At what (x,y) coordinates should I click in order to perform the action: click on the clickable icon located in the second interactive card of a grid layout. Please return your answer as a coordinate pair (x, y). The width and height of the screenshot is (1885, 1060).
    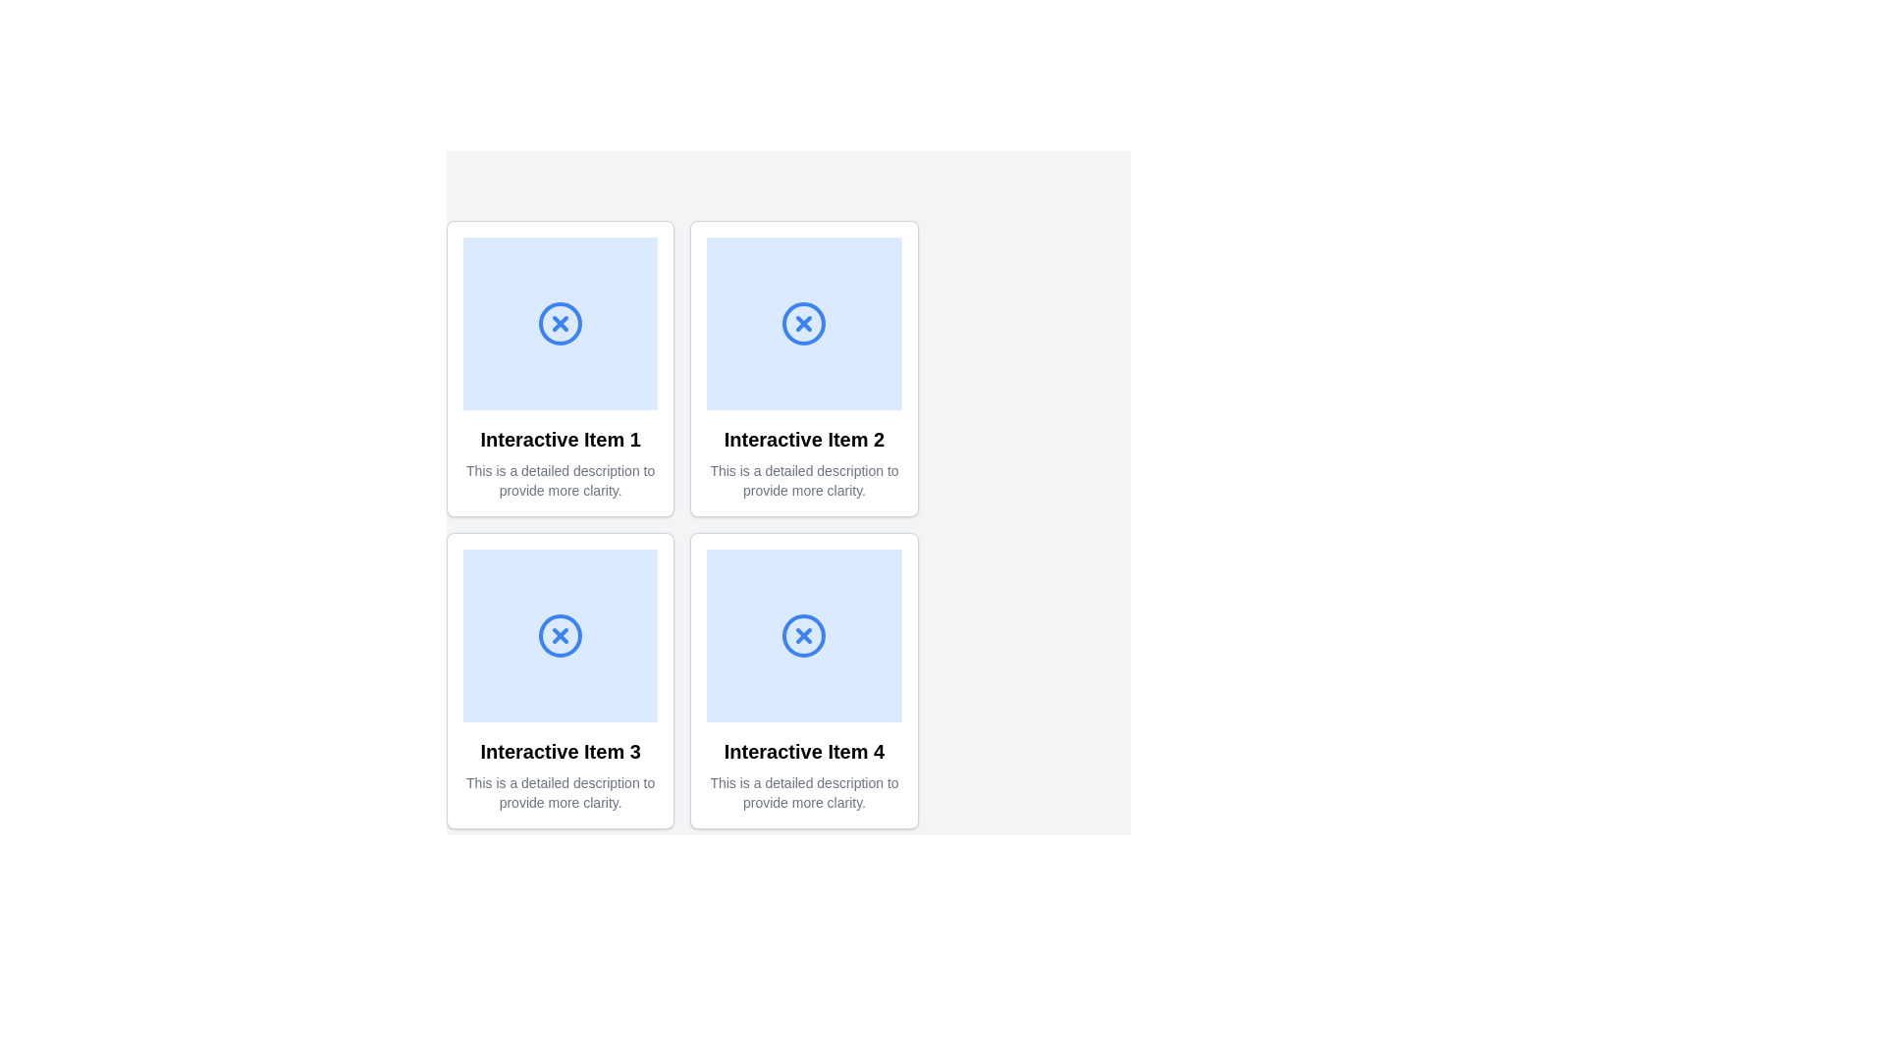
    Looking at the image, I should click on (804, 323).